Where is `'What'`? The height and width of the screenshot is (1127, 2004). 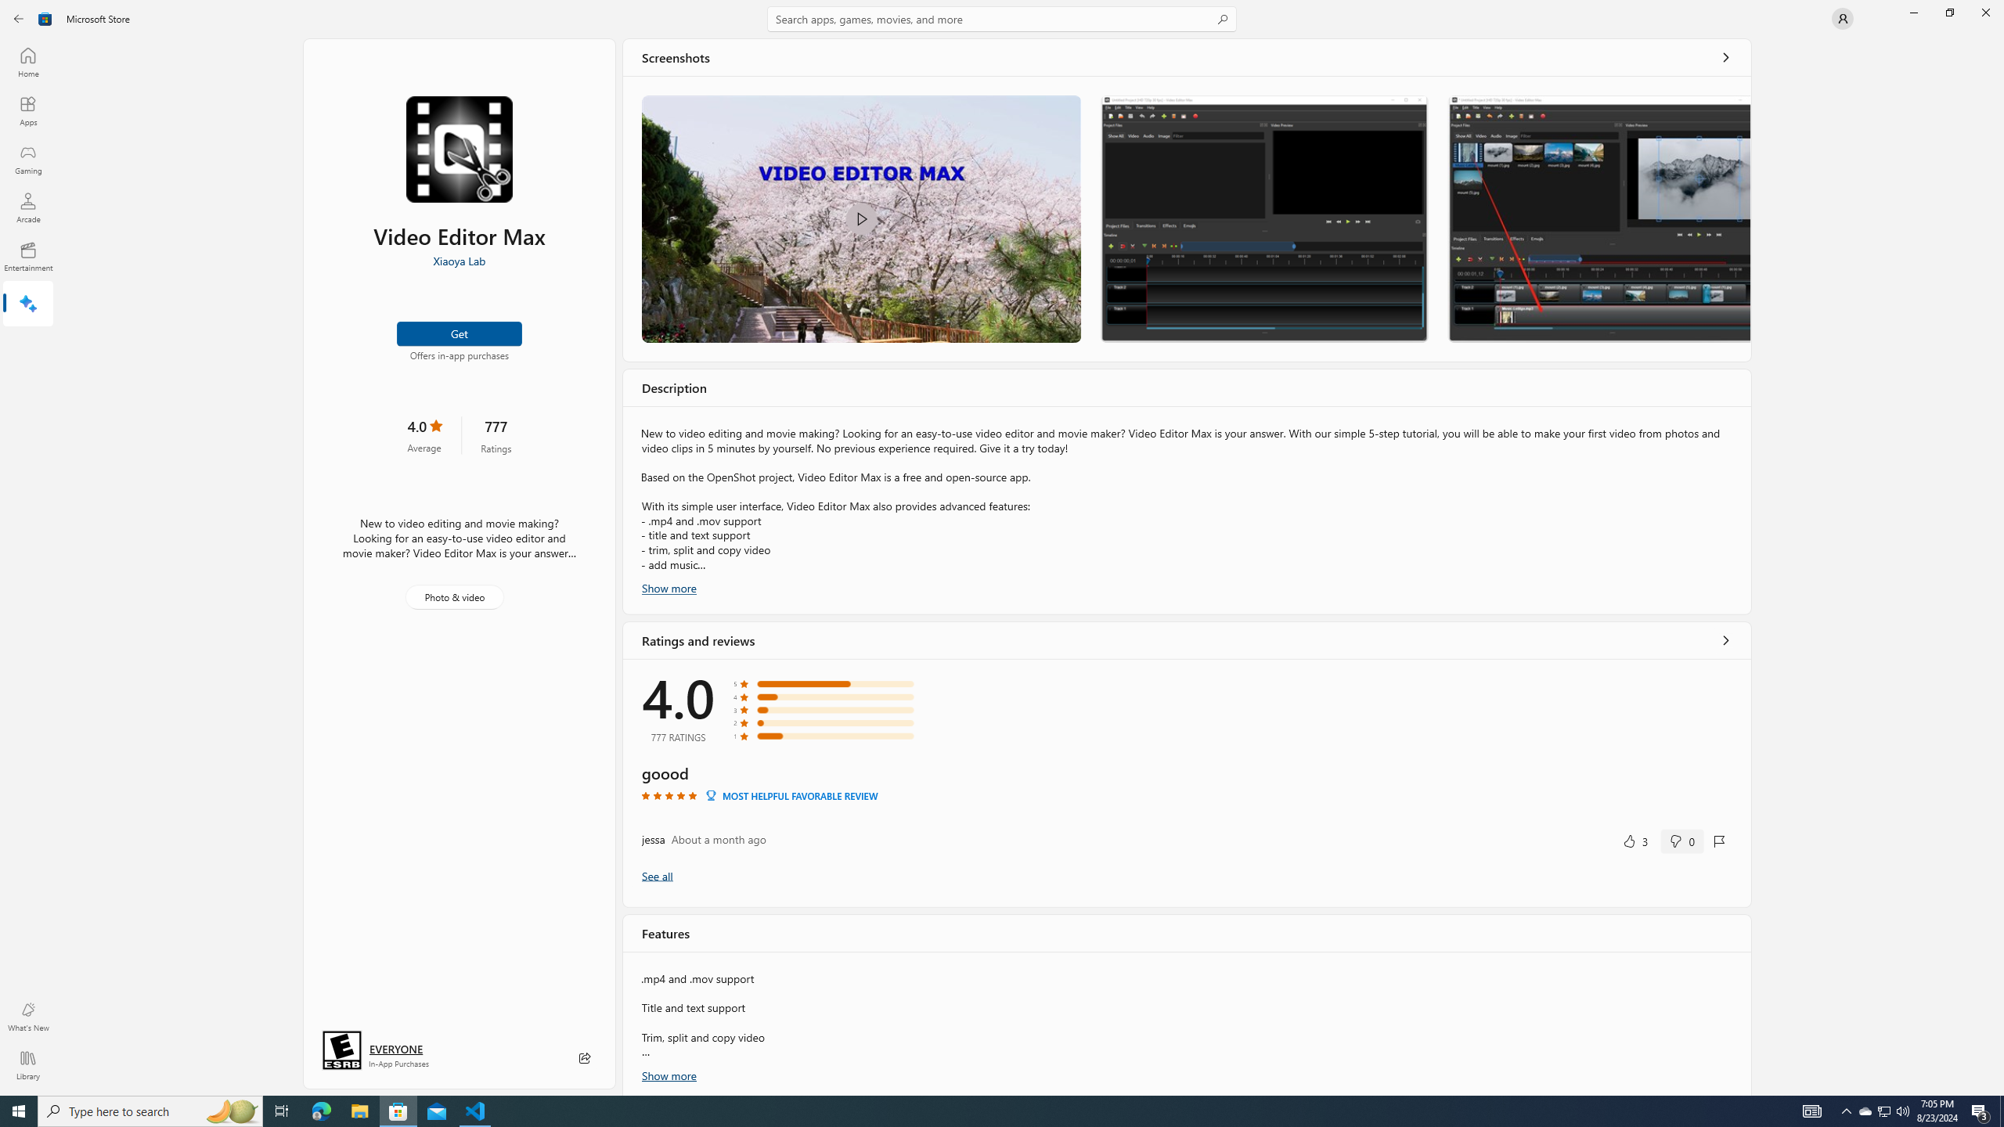 'What' is located at coordinates (27, 1016).